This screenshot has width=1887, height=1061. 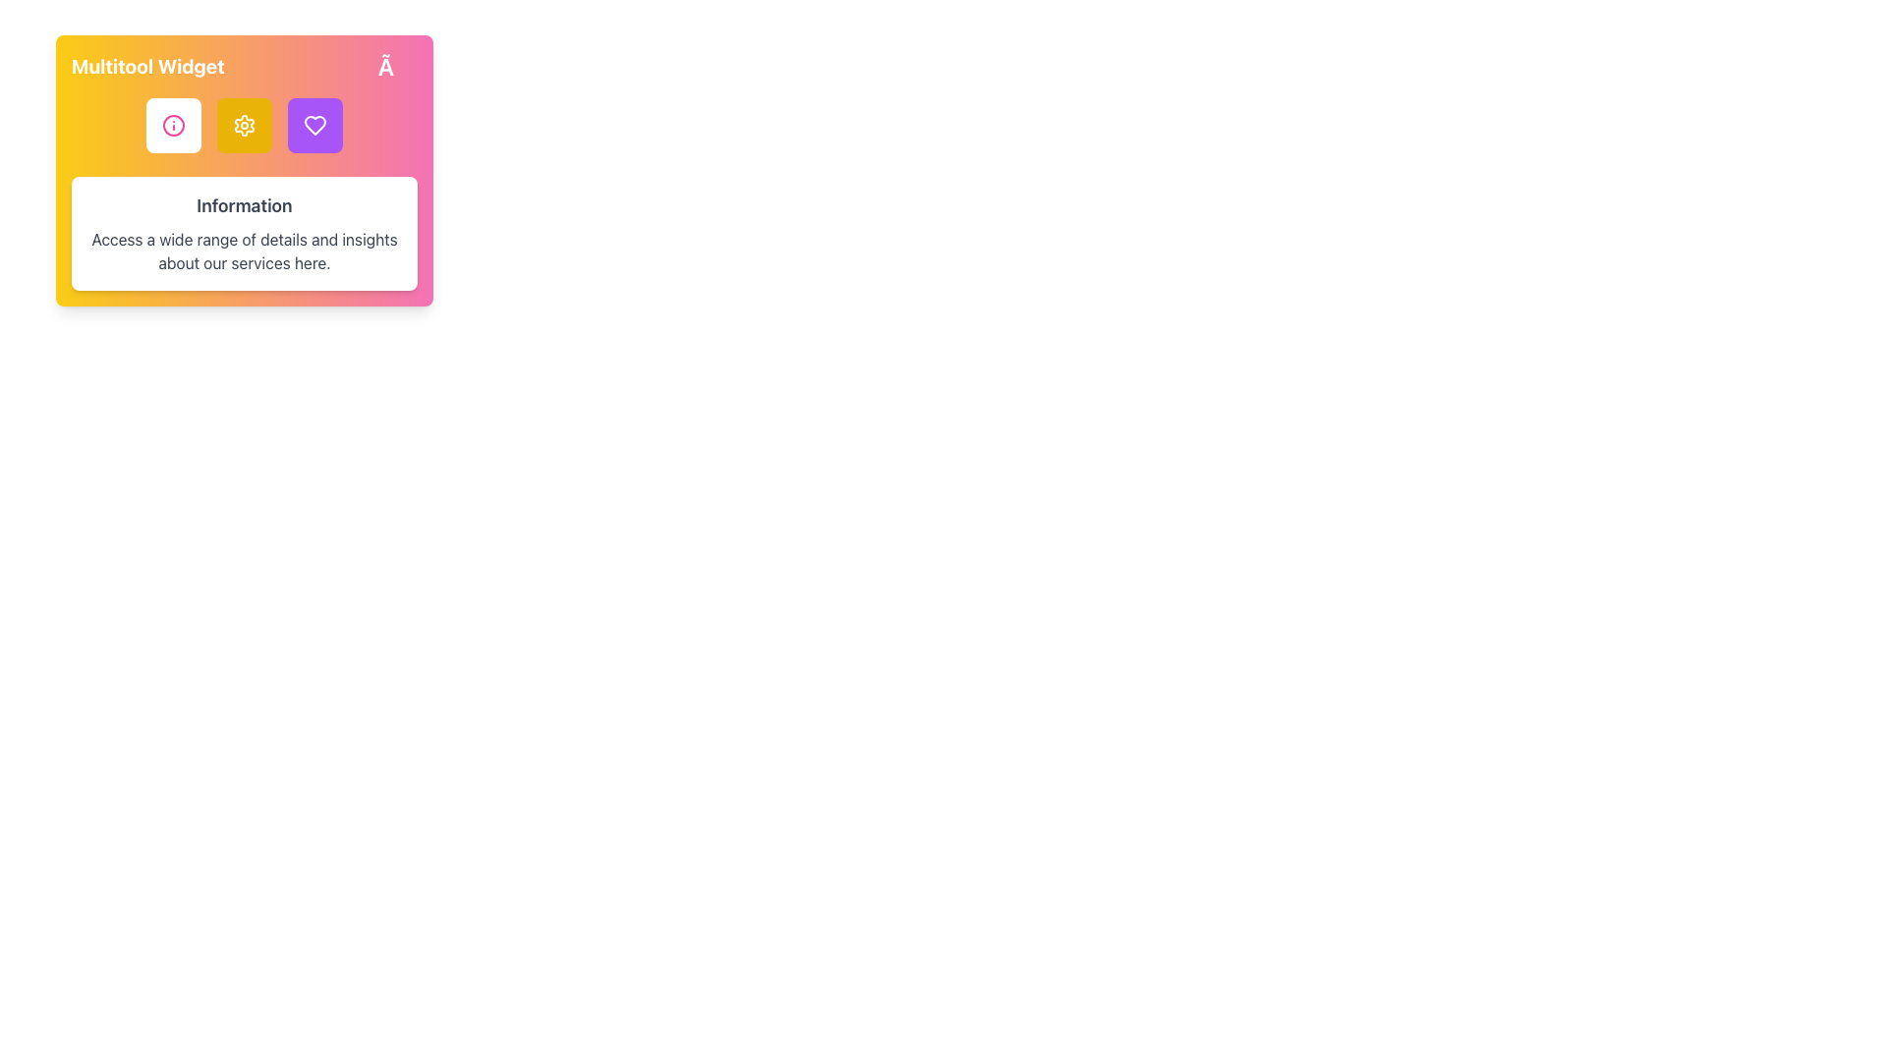 What do you see at coordinates (174, 125) in the screenshot?
I see `the leftmost circle icon in the Multitool Widget, which is part of the SVG graphics` at bounding box center [174, 125].